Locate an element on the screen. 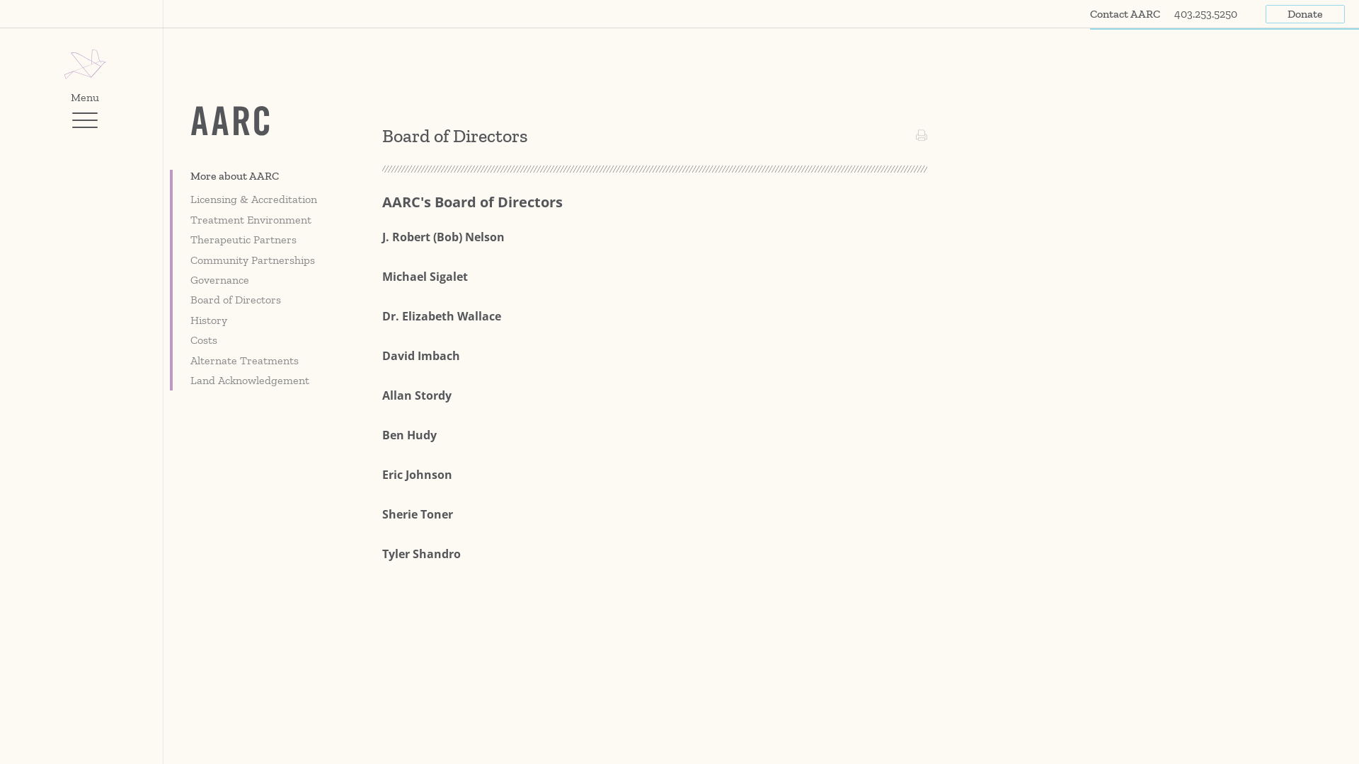  'Licensing & Accreditation' is located at coordinates (265, 199).